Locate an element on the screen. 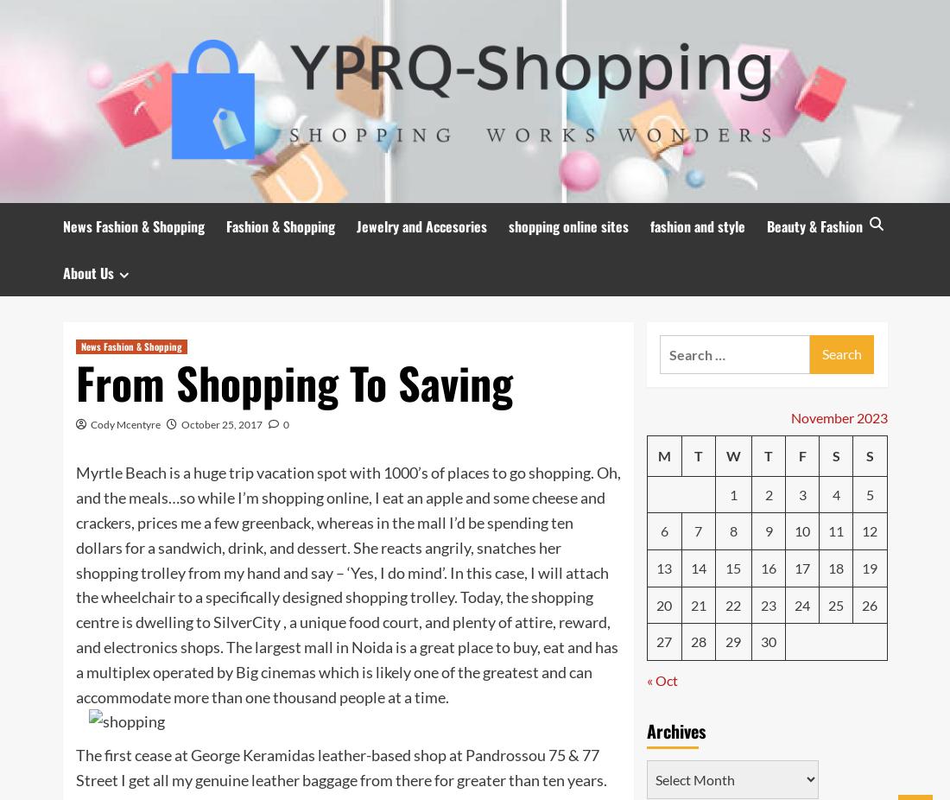  '9' is located at coordinates (767, 530).